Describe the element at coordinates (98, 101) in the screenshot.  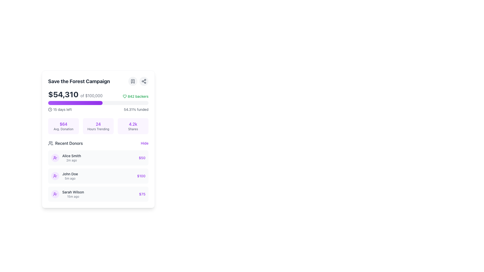
I see `the Progress and Information Display element which shows the current amount raised ('$54,310'), goal amount ('of $100,000'), number of backers ('842 backers'), and a purple progress bar indicating funding percentage ('54.31% funded')` at that location.